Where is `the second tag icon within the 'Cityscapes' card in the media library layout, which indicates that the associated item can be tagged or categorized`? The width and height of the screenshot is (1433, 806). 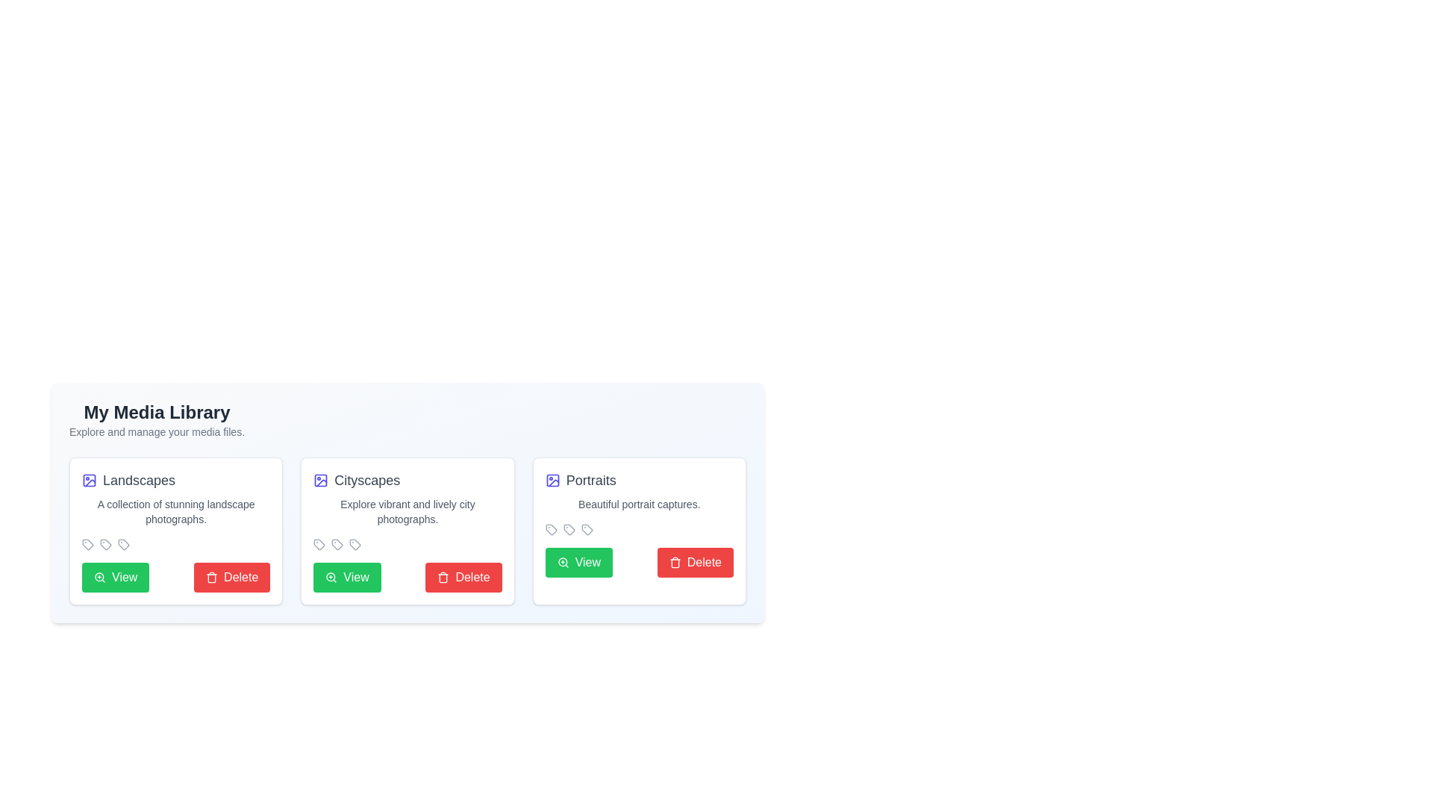
the second tag icon within the 'Cityscapes' card in the media library layout, which indicates that the associated item can be tagged or categorized is located at coordinates (336, 544).